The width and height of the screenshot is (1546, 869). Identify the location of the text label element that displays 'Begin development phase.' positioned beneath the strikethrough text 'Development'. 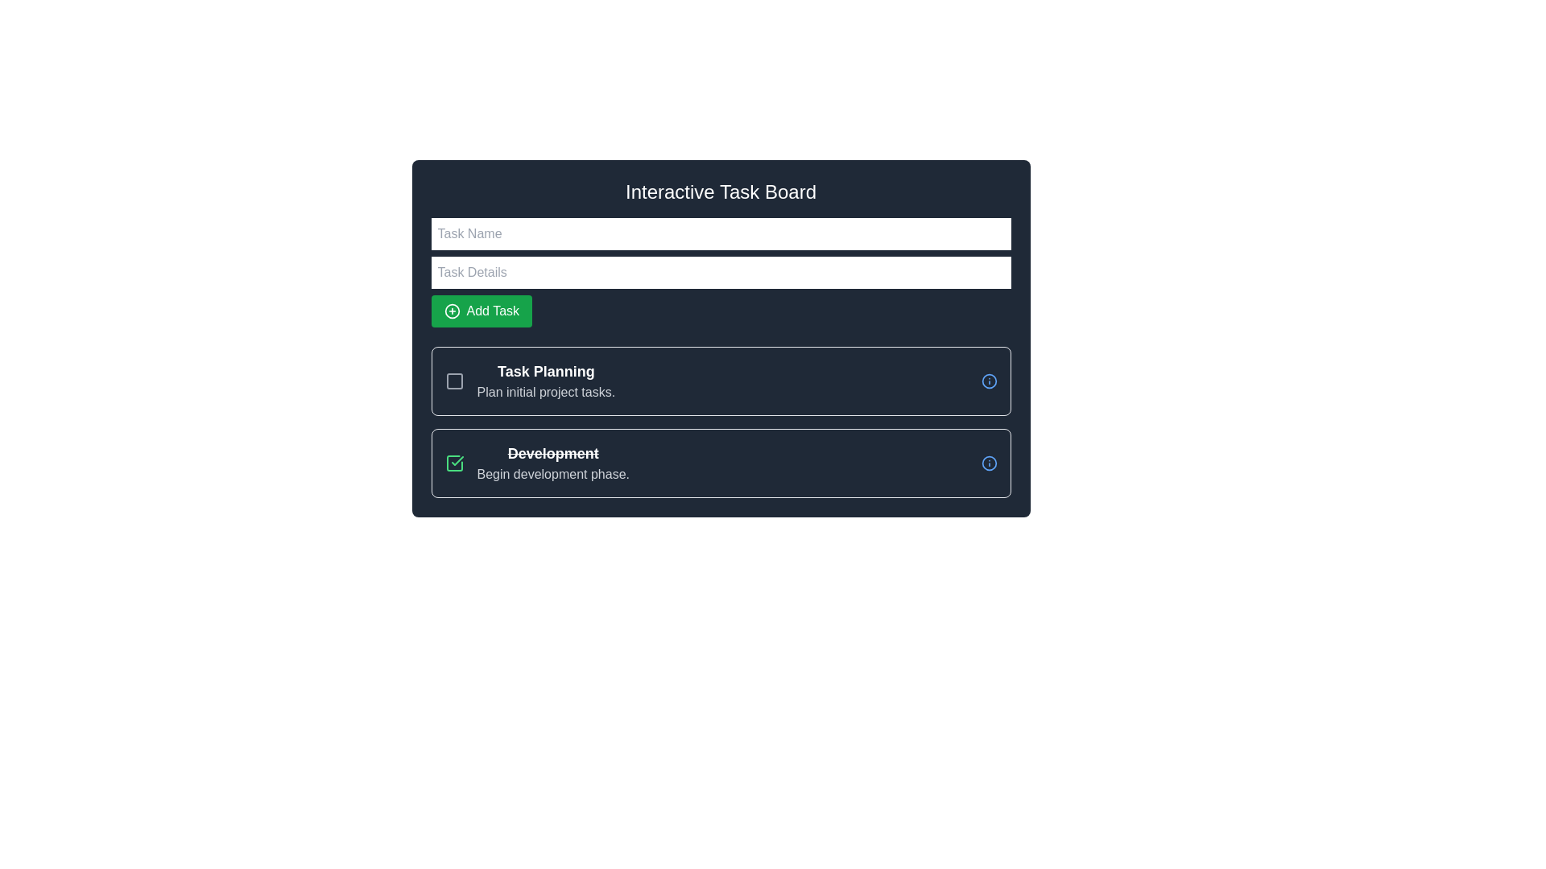
(553, 474).